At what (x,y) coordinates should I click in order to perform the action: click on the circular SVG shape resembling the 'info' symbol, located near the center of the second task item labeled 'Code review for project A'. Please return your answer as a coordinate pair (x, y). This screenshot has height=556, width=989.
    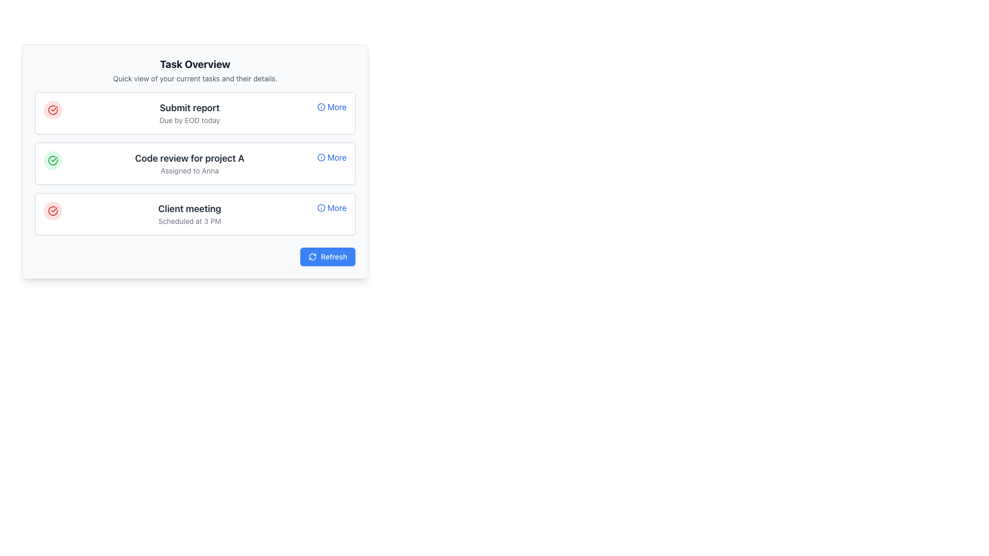
    Looking at the image, I should click on (320, 157).